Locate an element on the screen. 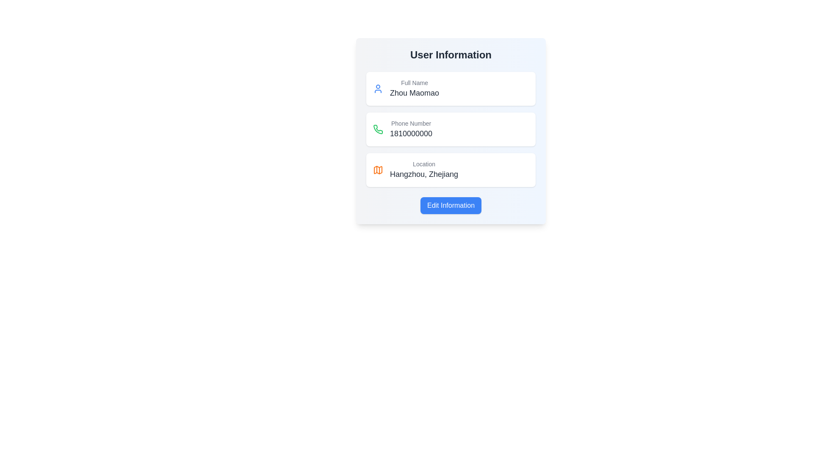 The height and width of the screenshot is (457, 813). the user profile icon, which is styled in blue and located in the upper left side of the content section under 'User Information', preceding the text 'Full Name Zhou Maomao' is located at coordinates (377, 88).